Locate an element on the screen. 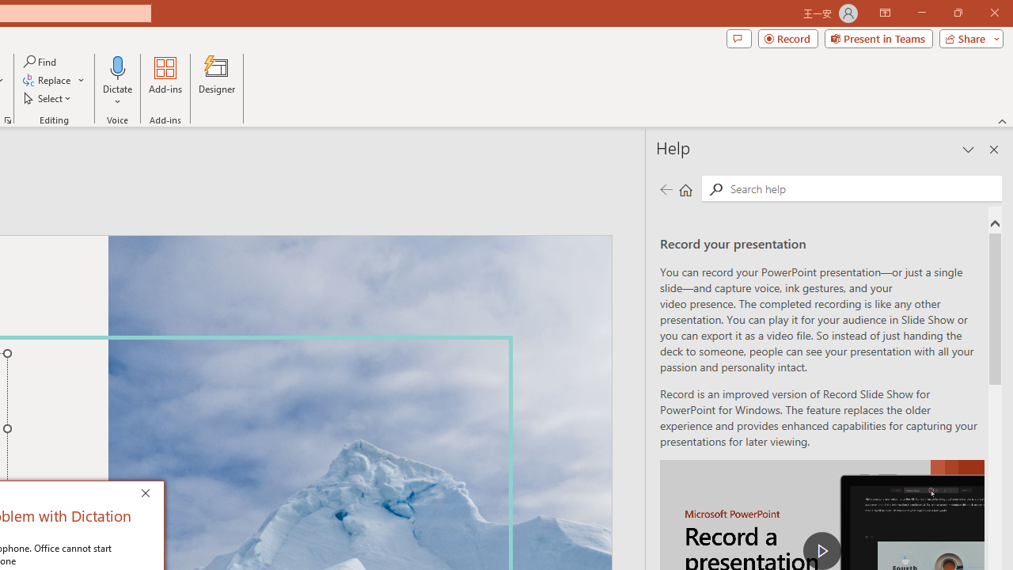 This screenshot has width=1013, height=570. 'Present in Teams' is located at coordinates (878, 37).